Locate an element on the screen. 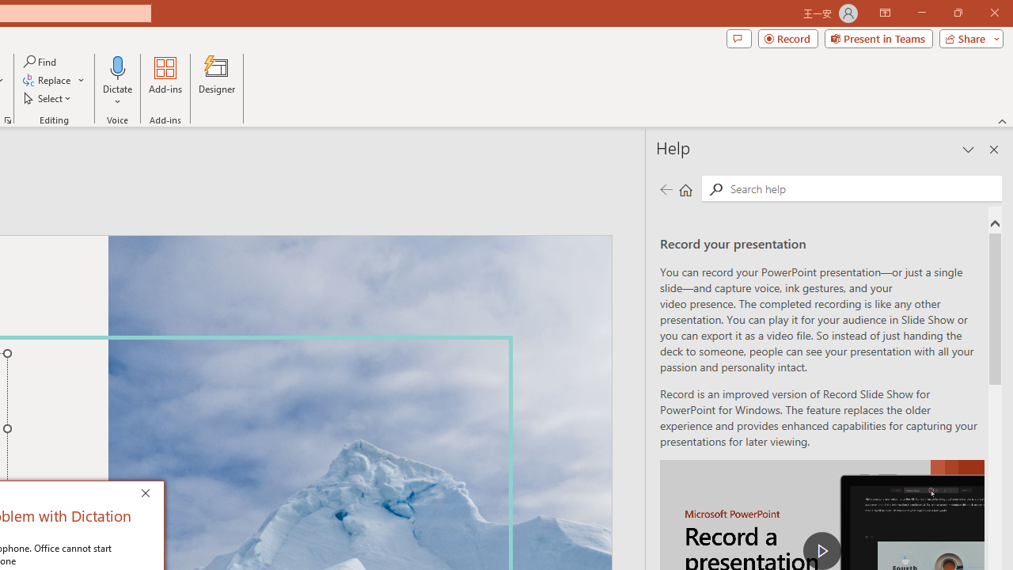 This screenshot has width=1013, height=570. 'Present in Teams' is located at coordinates (878, 37).